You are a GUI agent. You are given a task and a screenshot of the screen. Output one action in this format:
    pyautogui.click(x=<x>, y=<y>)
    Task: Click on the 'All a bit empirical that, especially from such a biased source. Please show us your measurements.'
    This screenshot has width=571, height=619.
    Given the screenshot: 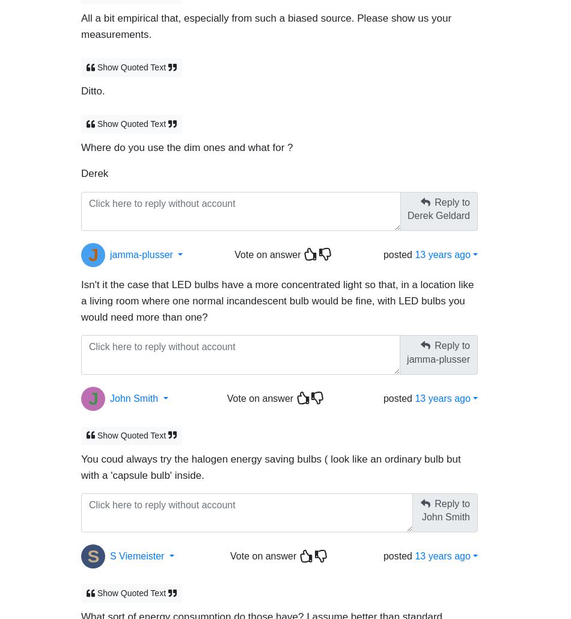 What is the action you would take?
    pyautogui.click(x=265, y=20)
    